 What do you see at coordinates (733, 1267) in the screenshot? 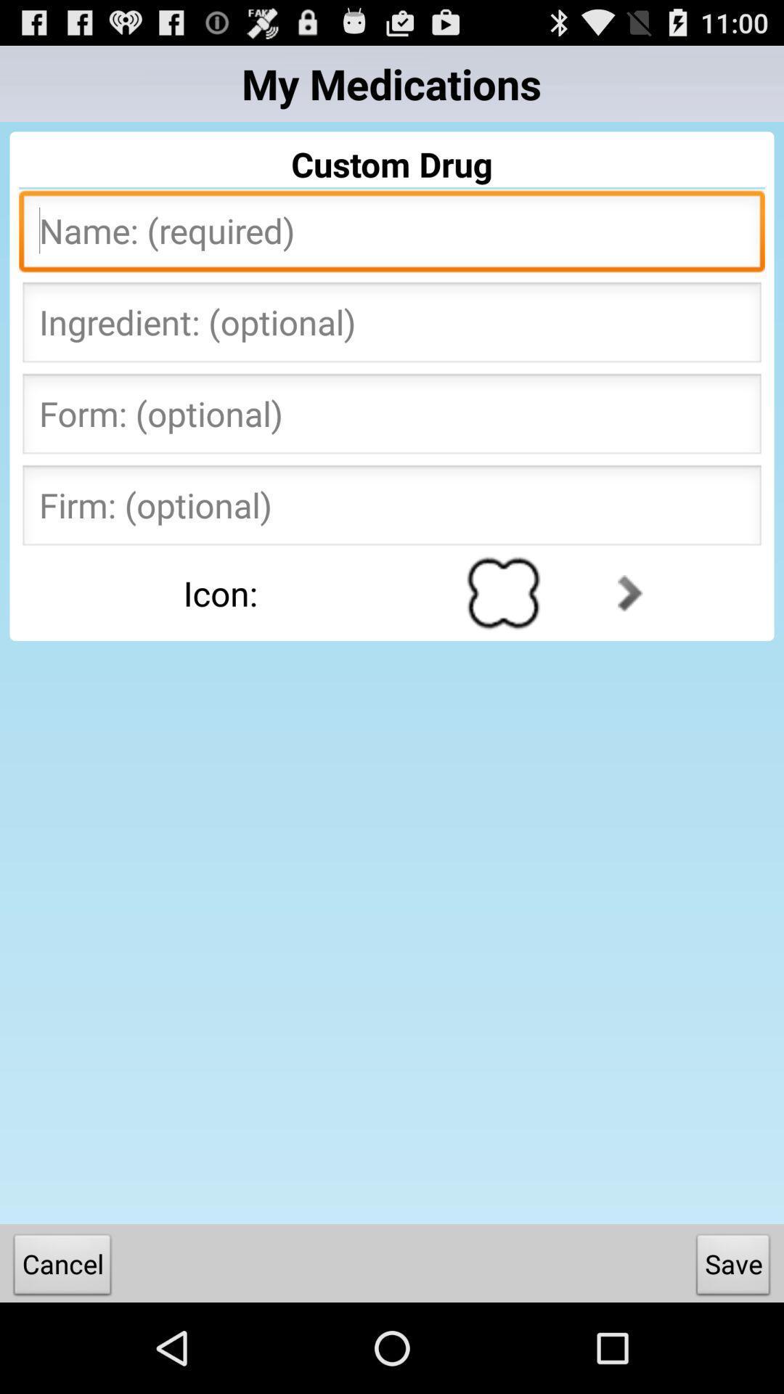
I see `button to the right of the cancel item` at bounding box center [733, 1267].